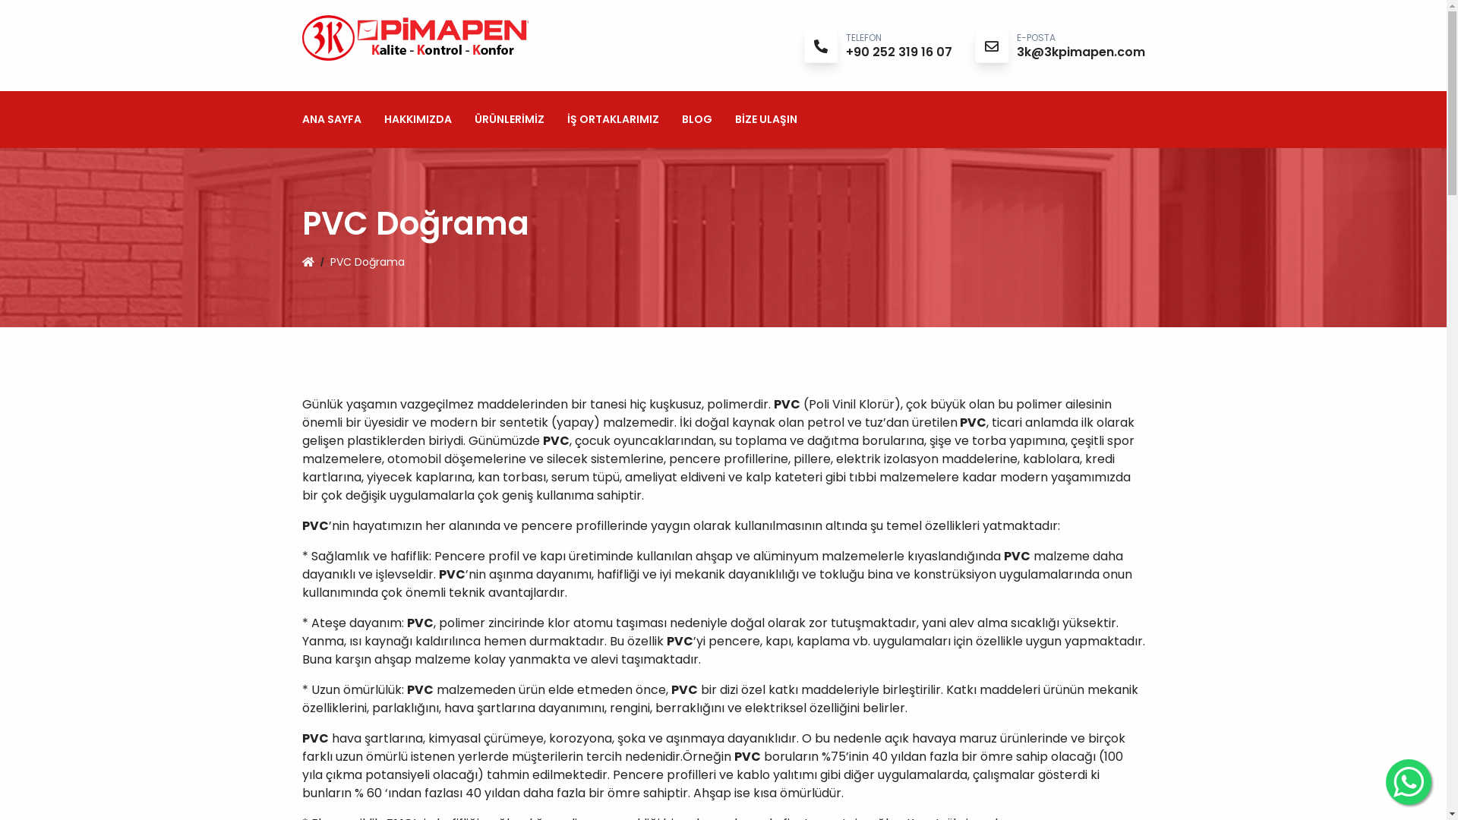 The image size is (1458, 820). Describe the element at coordinates (418, 118) in the screenshot. I see `'HAKKIMIZDA'` at that location.